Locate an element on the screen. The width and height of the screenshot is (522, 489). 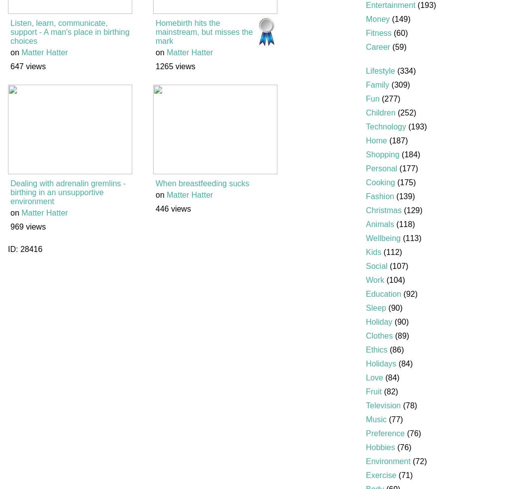
'(71)' is located at coordinates (404, 475).